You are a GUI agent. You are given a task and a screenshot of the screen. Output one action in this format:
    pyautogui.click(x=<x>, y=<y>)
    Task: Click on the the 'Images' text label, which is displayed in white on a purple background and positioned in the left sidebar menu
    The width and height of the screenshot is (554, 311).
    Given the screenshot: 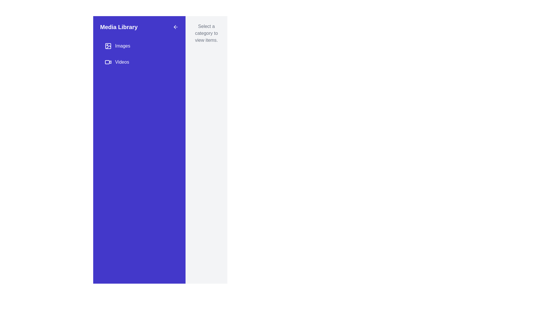 What is the action you would take?
    pyautogui.click(x=122, y=45)
    